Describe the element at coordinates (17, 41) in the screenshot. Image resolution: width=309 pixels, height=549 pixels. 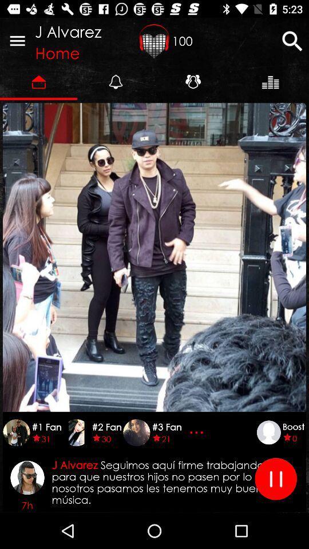
I see `open menu options` at that location.